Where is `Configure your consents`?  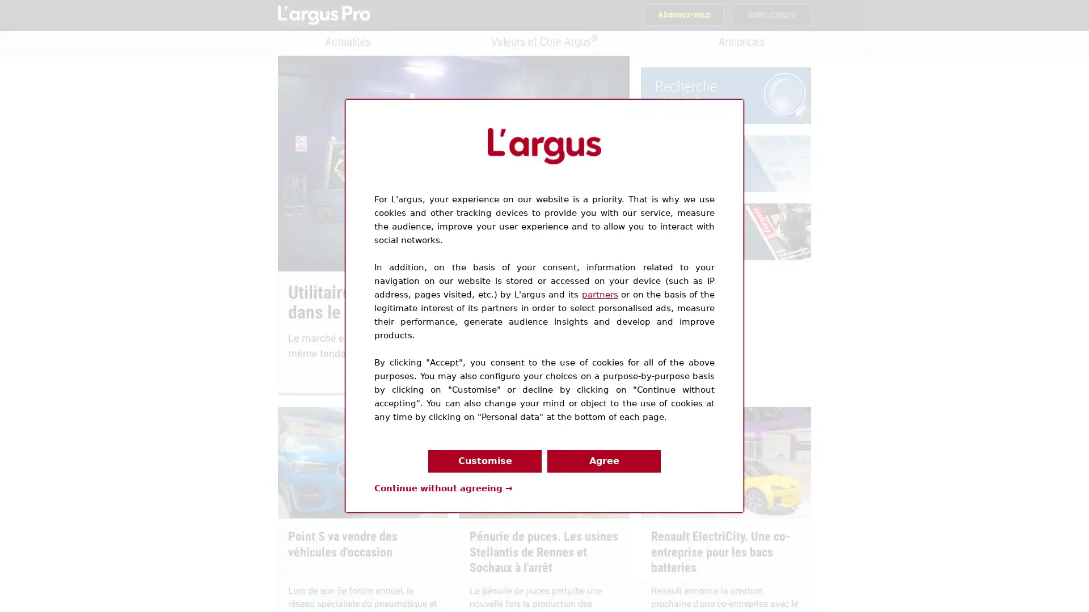
Configure your consents is located at coordinates (484, 461).